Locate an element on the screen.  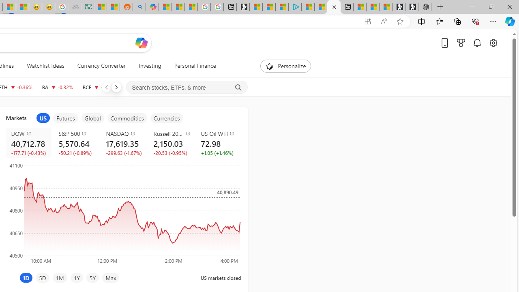
'Investing' is located at coordinates (150, 66).